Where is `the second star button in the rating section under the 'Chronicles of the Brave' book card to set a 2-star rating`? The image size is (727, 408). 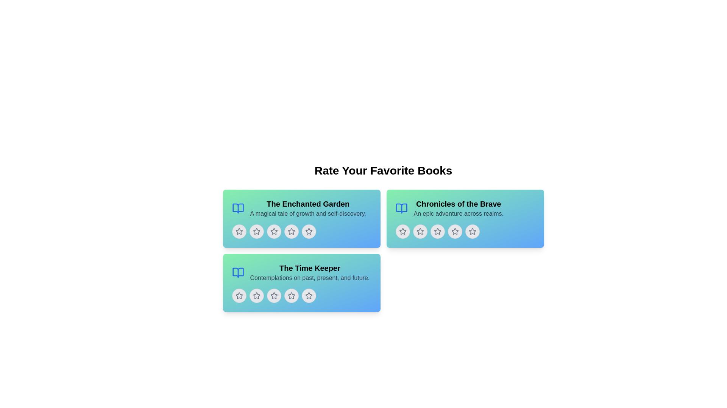
the second star button in the rating section under the 'Chronicles of the Brave' book card to set a 2-star rating is located at coordinates (420, 231).